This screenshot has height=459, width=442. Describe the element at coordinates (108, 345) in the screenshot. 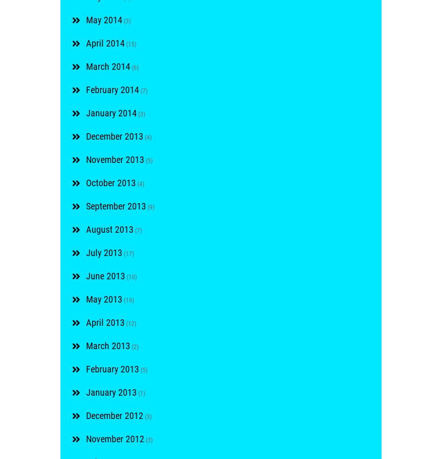

I see `'March 2013'` at that location.